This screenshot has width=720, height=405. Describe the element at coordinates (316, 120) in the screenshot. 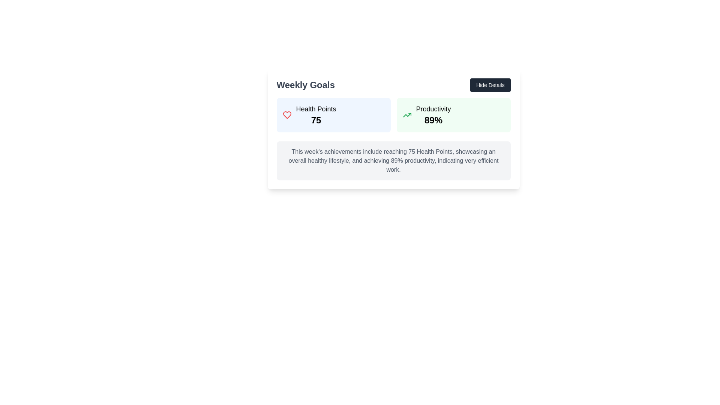

I see `numeric value displayed in the text label for 'Health Points', which is located in a blue-colored box in the left column of the 'Weekly Goals' section, directly below the 'Health Points' label` at that location.